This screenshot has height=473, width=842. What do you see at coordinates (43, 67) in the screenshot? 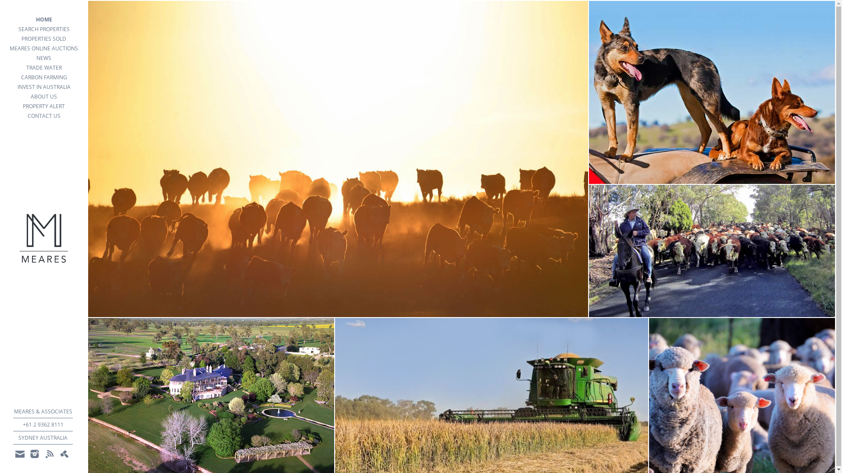
I see `'TRADE WATER'` at bounding box center [43, 67].